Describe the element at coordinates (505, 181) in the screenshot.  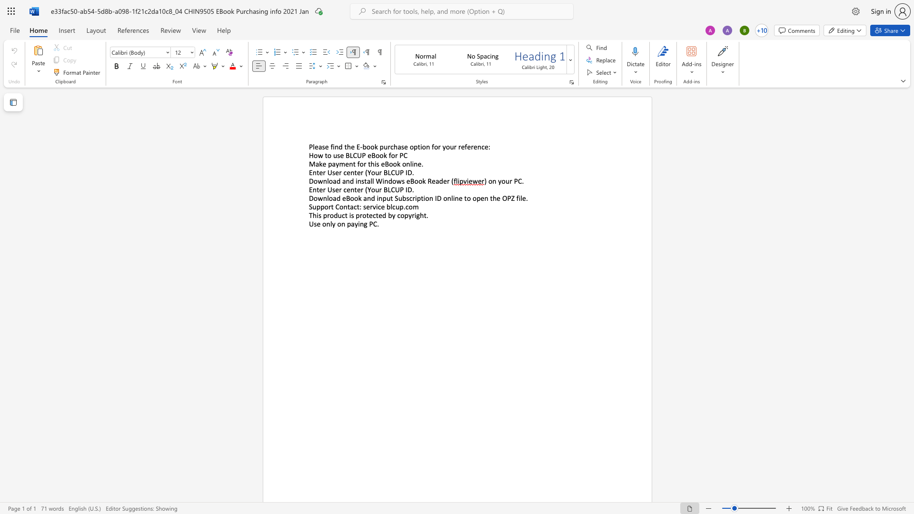
I see `the space between the continuous character "o" and "u" in the text` at that location.